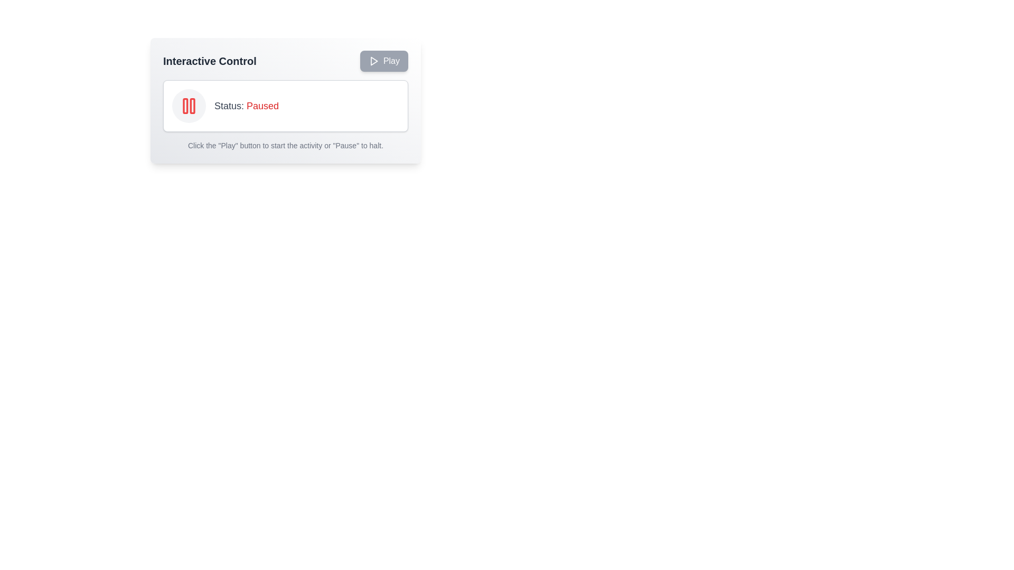 Image resolution: width=1014 pixels, height=570 pixels. What do you see at coordinates (262, 106) in the screenshot?
I see `the static text element that displays the current system status as 'Paused', located to the right of the label 'Status:'` at bounding box center [262, 106].